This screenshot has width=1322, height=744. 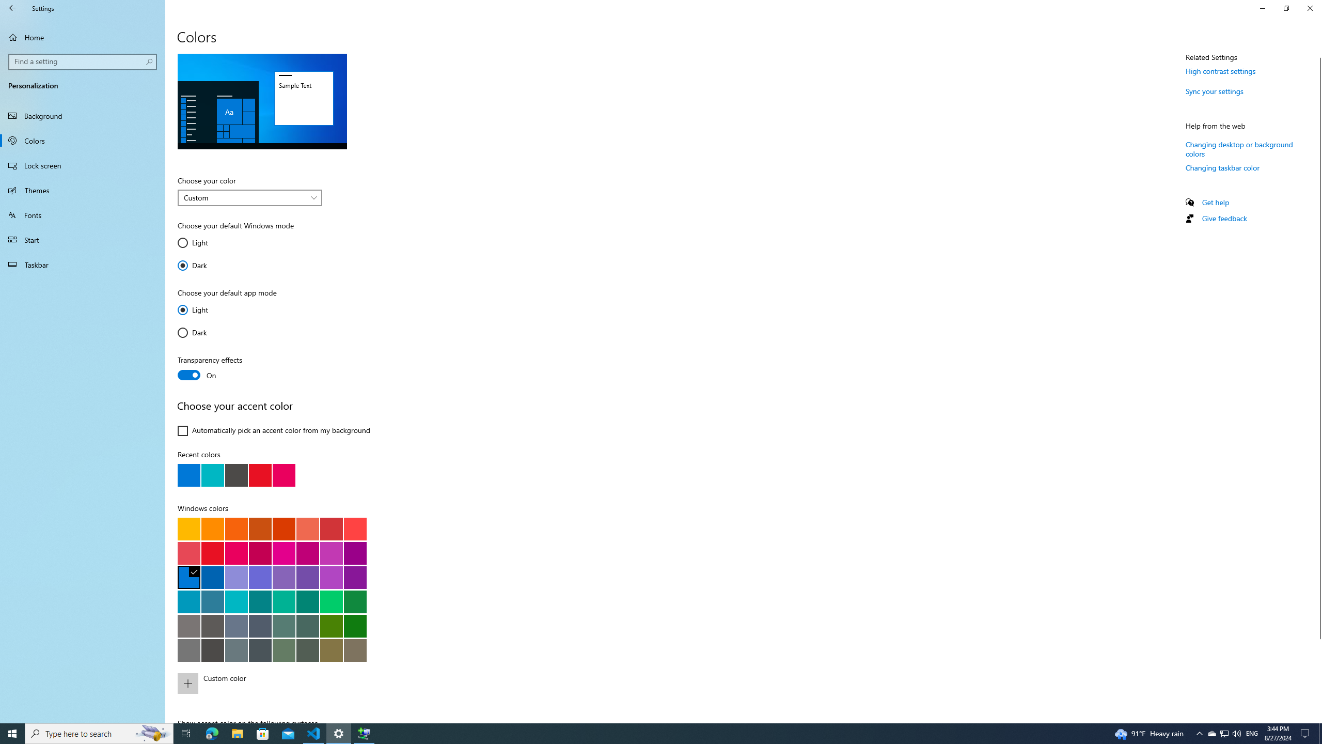 What do you see at coordinates (82, 214) in the screenshot?
I see `'Fonts'` at bounding box center [82, 214].